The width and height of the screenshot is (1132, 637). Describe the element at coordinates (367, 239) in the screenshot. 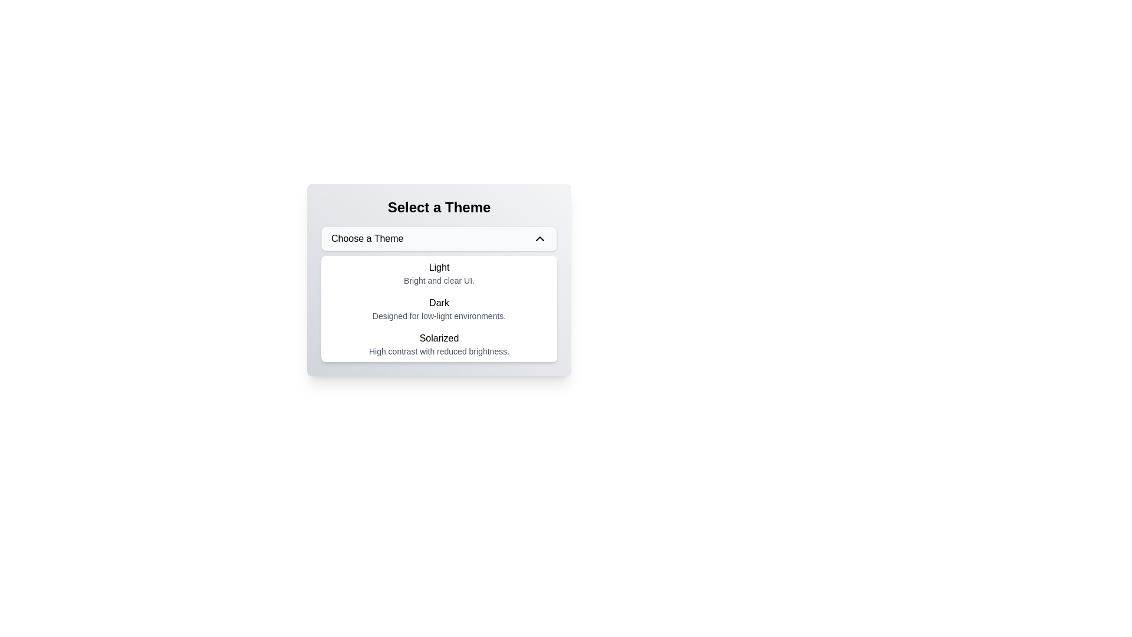

I see `the static text label displaying 'Choose a Theme', which is styled with a bold font and located within a light gray rounded rectangle in the dropdown header` at that location.